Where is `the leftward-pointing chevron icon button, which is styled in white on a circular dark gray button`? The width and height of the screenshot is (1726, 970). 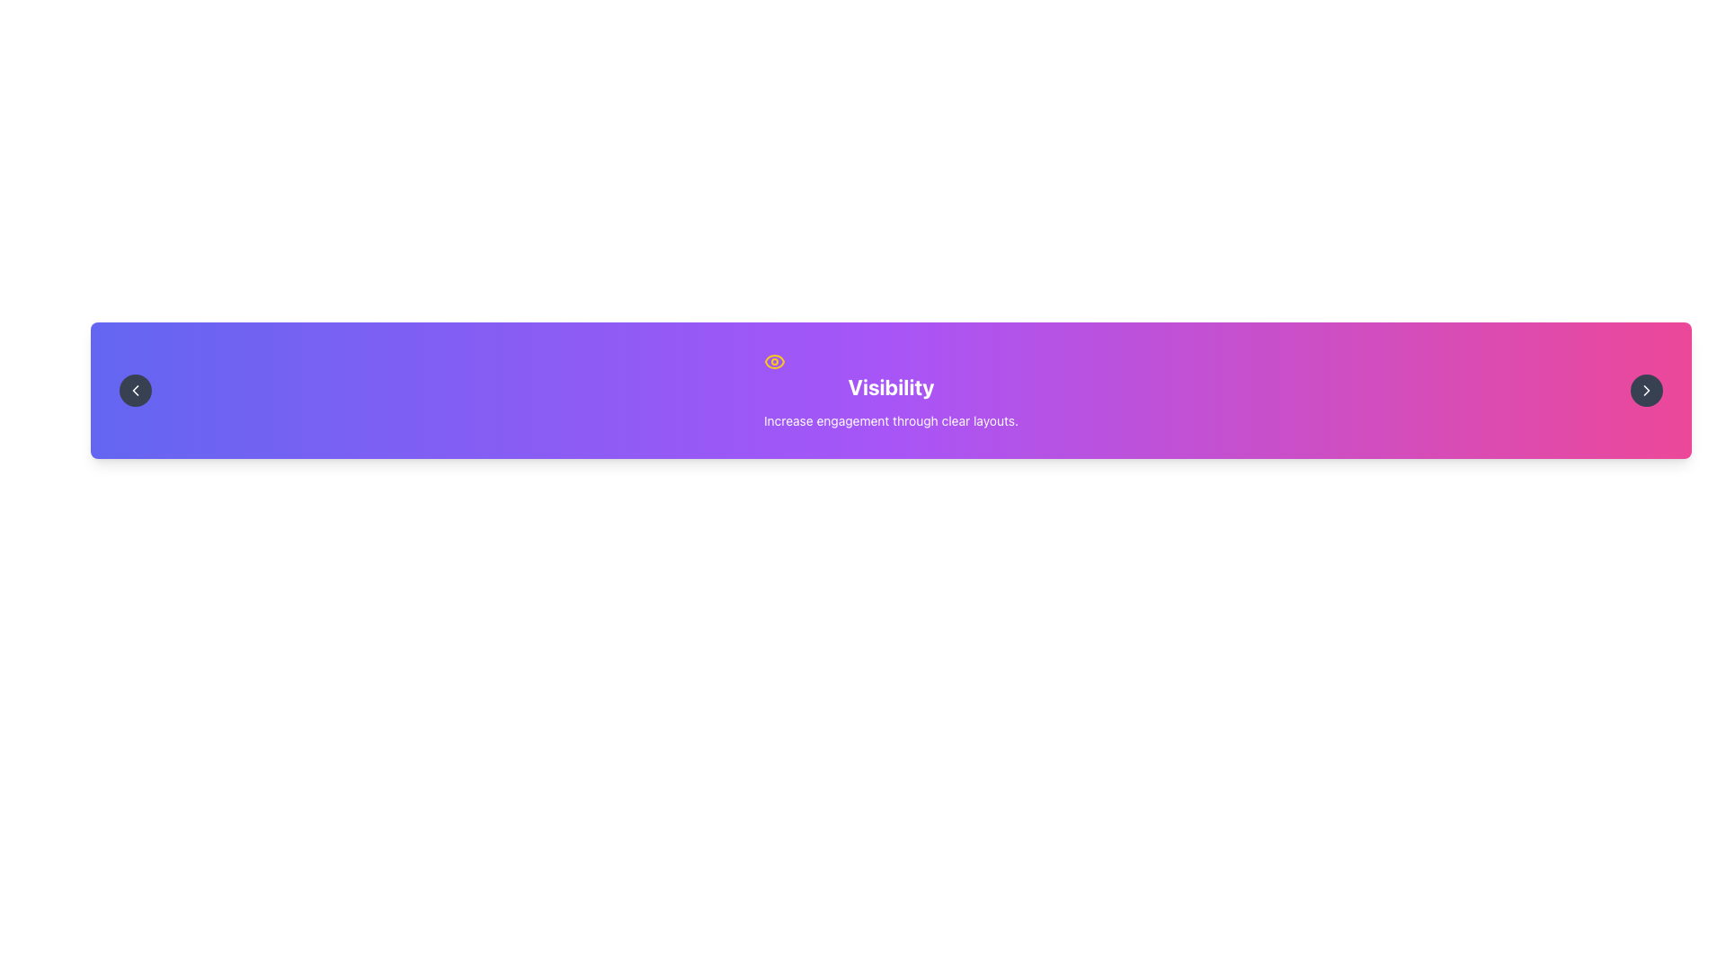
the leftward-pointing chevron icon button, which is styled in white on a circular dark gray button is located at coordinates (134, 390).